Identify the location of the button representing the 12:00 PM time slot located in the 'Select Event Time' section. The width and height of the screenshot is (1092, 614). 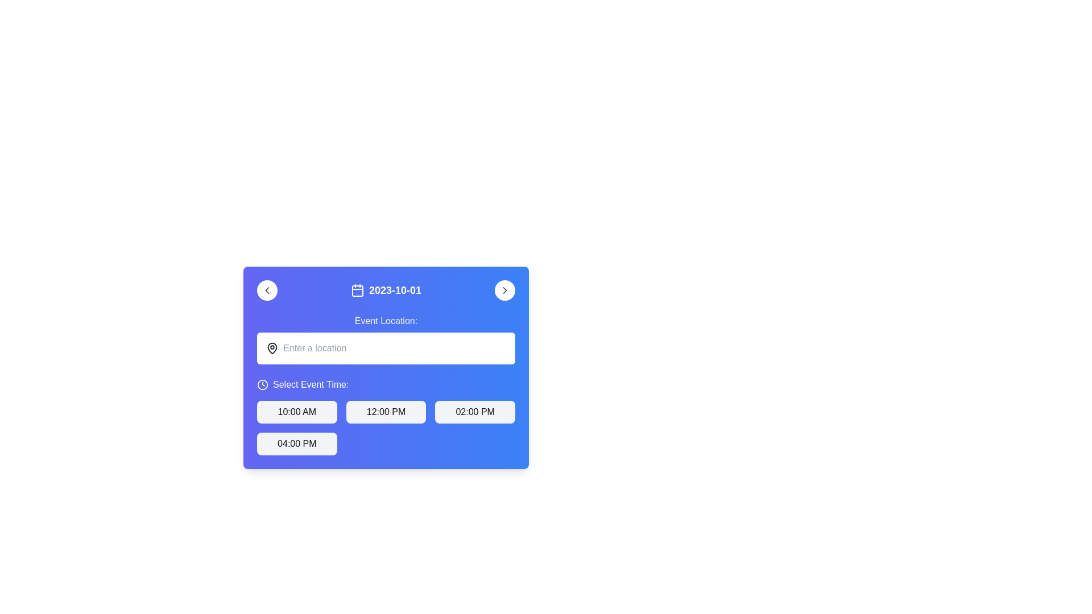
(386, 412).